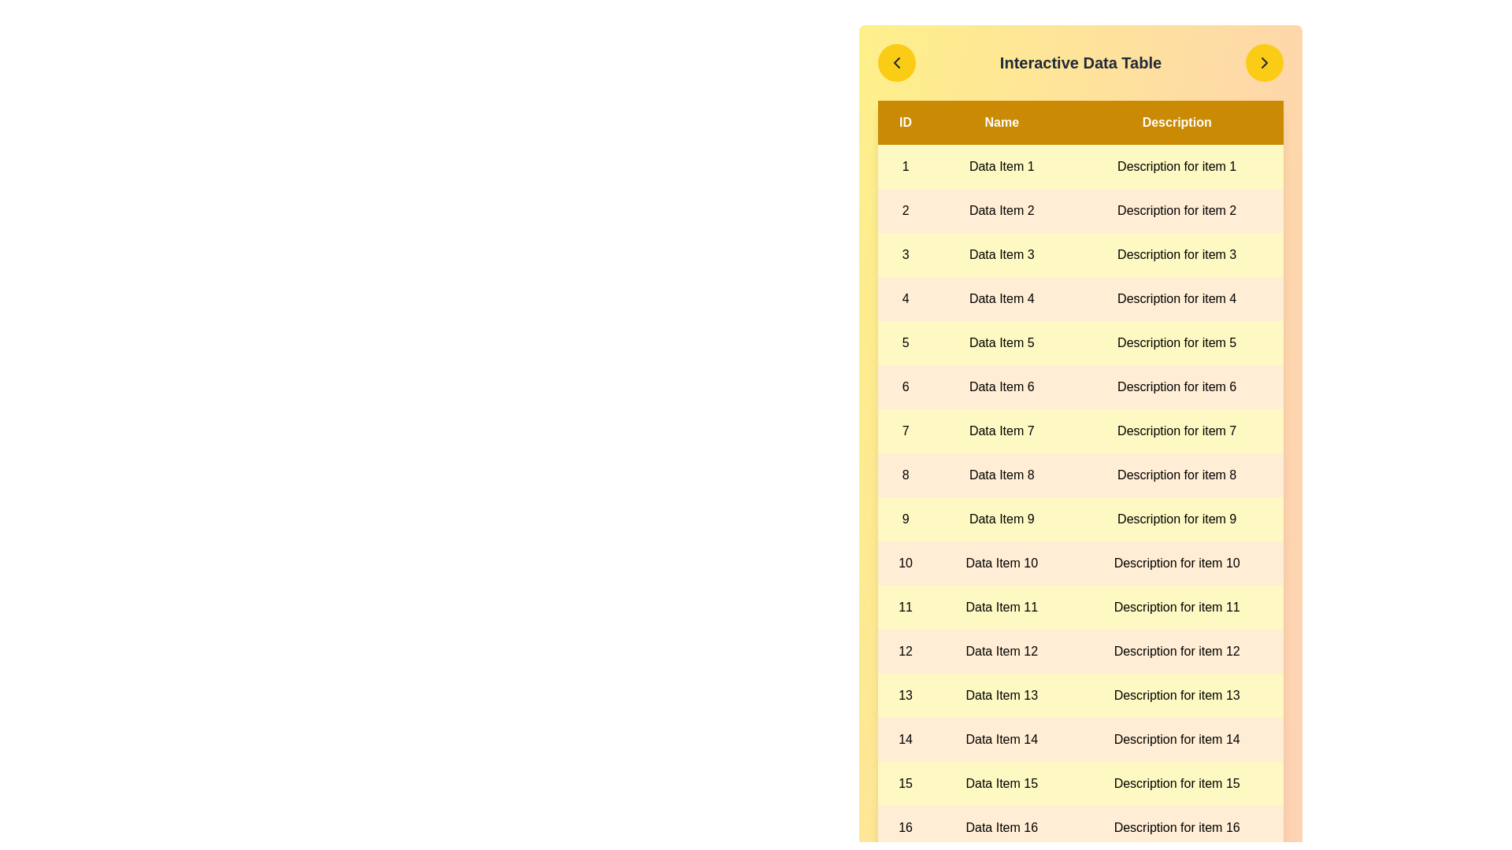  What do you see at coordinates (1001, 121) in the screenshot?
I see `the header cell labeled Name to reveal its description` at bounding box center [1001, 121].